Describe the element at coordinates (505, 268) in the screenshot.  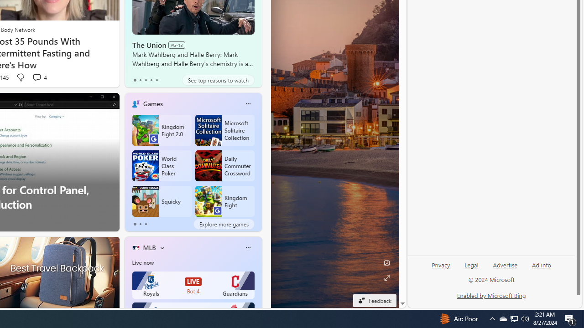
I see `'Advertise'` at that location.